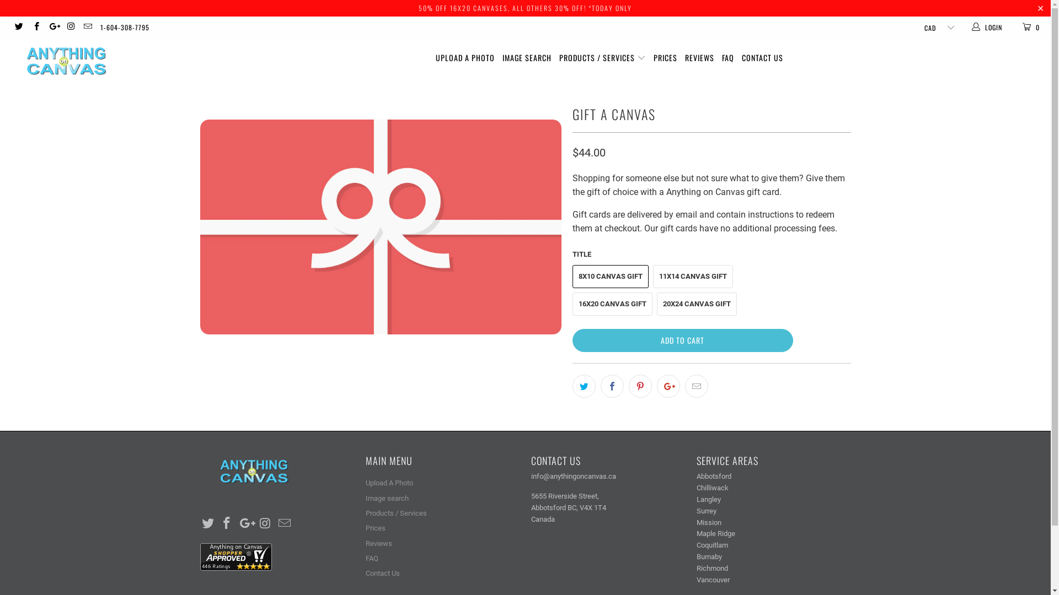 The height and width of the screenshot is (595, 1059). I want to click on 'CONTACT US', so click(762, 58).